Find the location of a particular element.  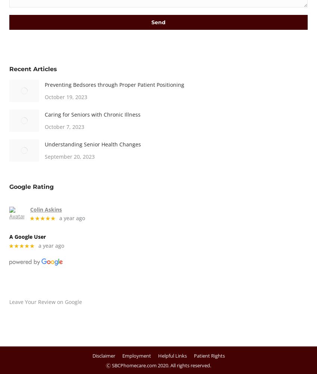

'Ⓒ SBCPhomecare.com 2020. All rights reserved.' is located at coordinates (158, 365).